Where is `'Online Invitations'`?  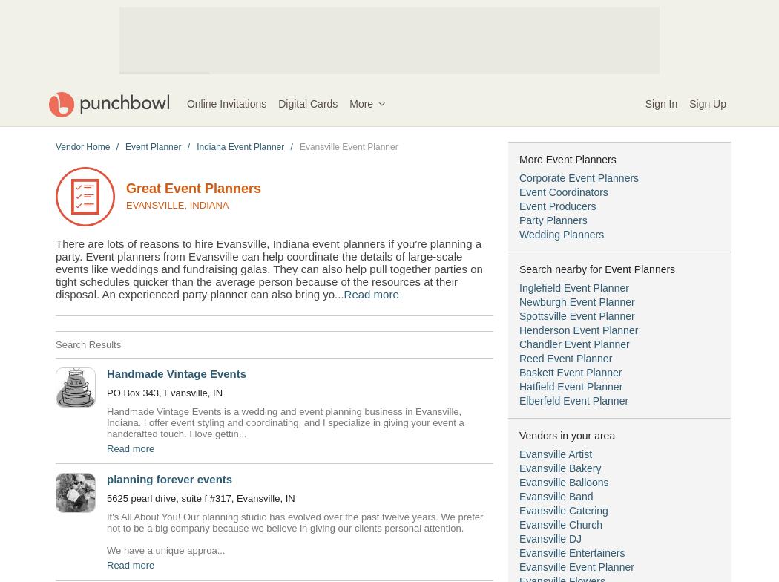
'Online Invitations' is located at coordinates (226, 104).